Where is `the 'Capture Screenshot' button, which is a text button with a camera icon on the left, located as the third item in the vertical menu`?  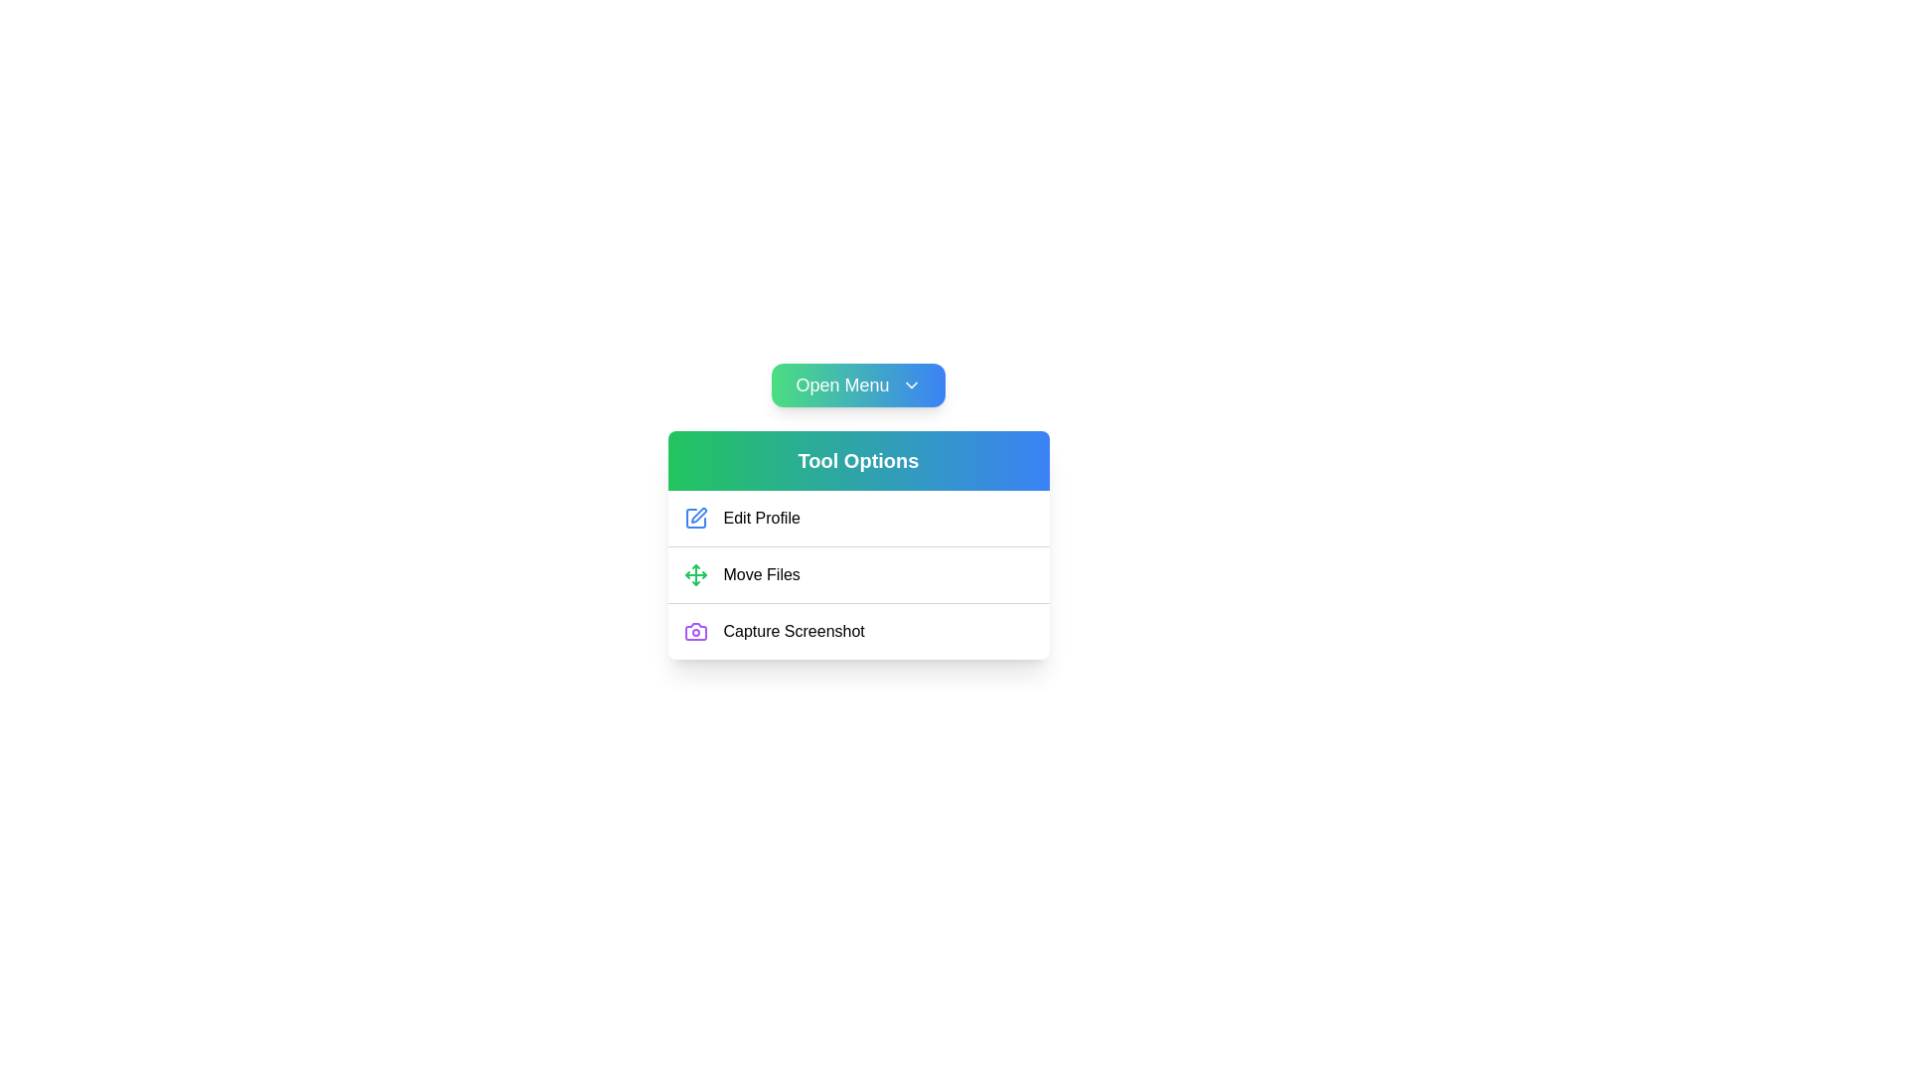
the 'Capture Screenshot' button, which is a text button with a camera icon on the left, located as the third item in the vertical menu is located at coordinates (858, 631).